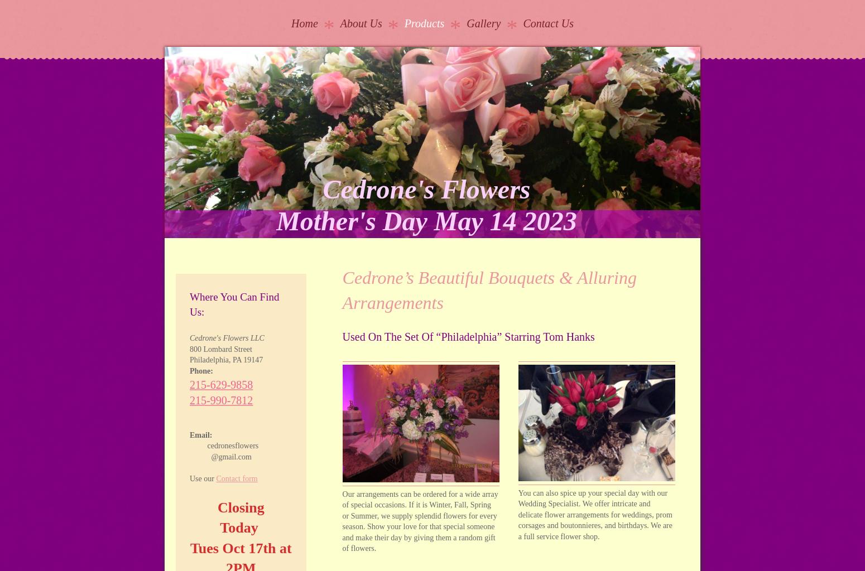 This screenshot has width=865, height=571. I want to click on 'Used On The Set Of “Philadelphia” Starring Tom Hanks', so click(468, 336).